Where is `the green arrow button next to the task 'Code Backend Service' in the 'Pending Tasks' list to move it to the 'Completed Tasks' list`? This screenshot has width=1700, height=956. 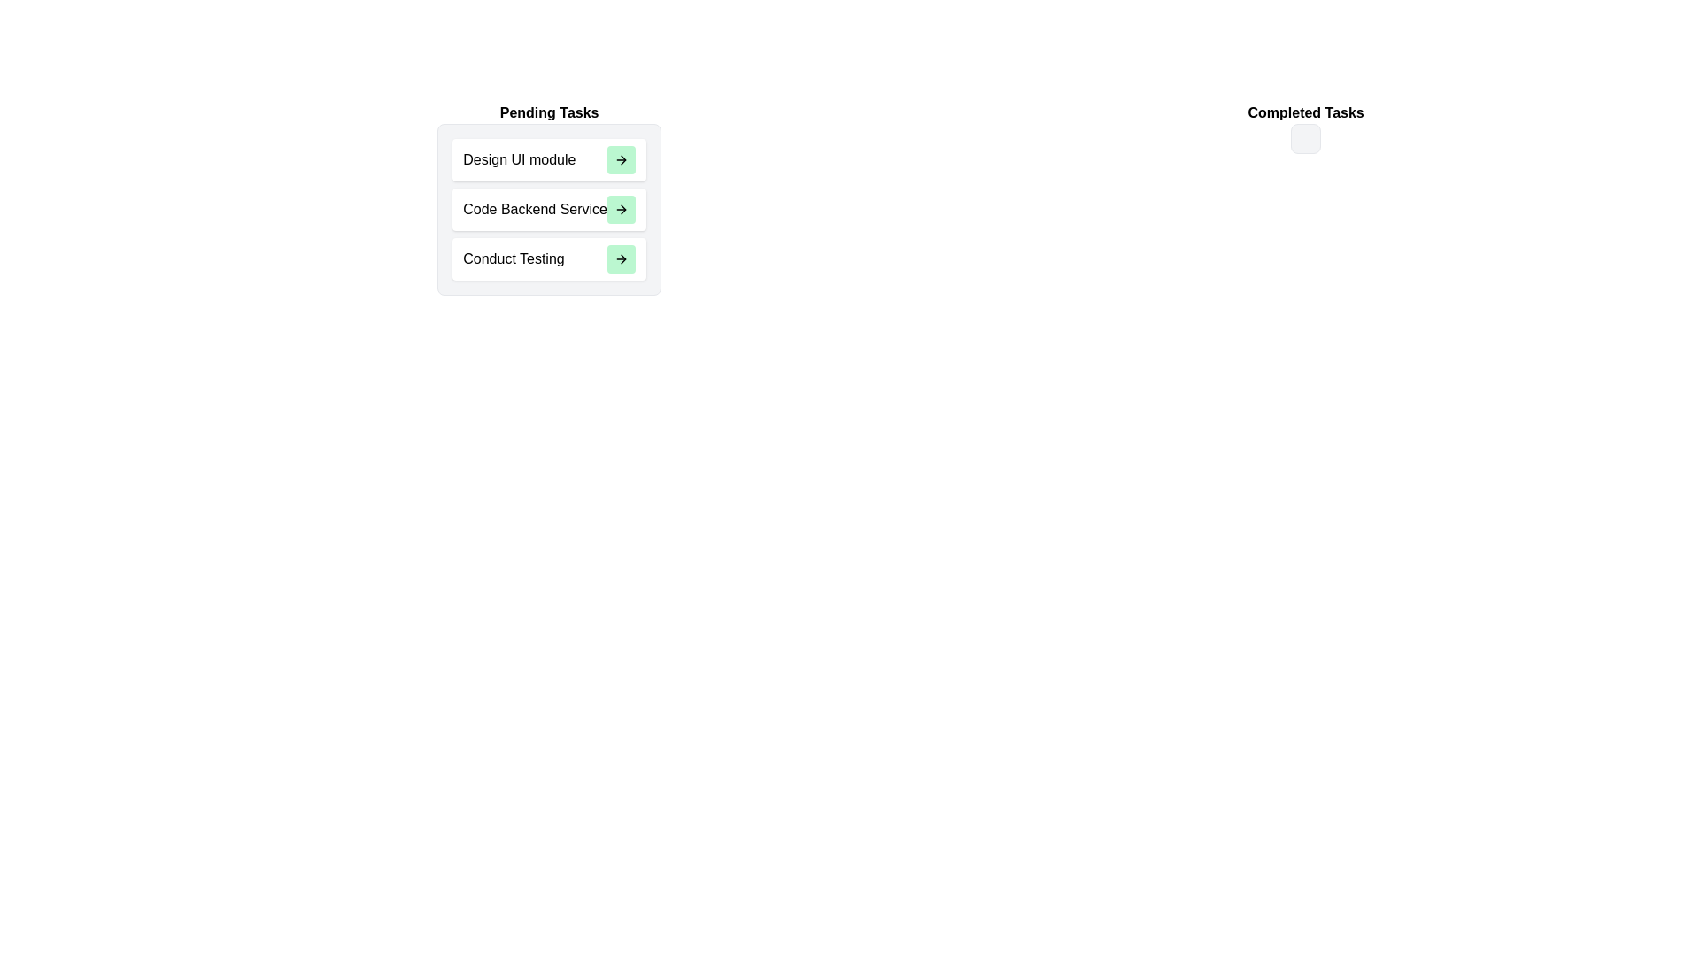 the green arrow button next to the task 'Code Backend Service' in the 'Pending Tasks' list to move it to the 'Completed Tasks' list is located at coordinates (621, 208).